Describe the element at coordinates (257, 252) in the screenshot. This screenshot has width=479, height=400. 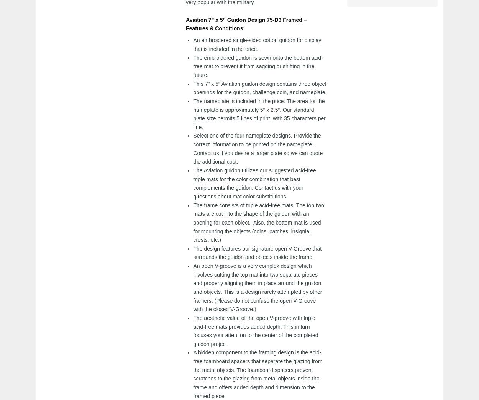
I see `'The design features our signature open V-Groove that surrounds the guidon and objects inside the frame.'` at that location.